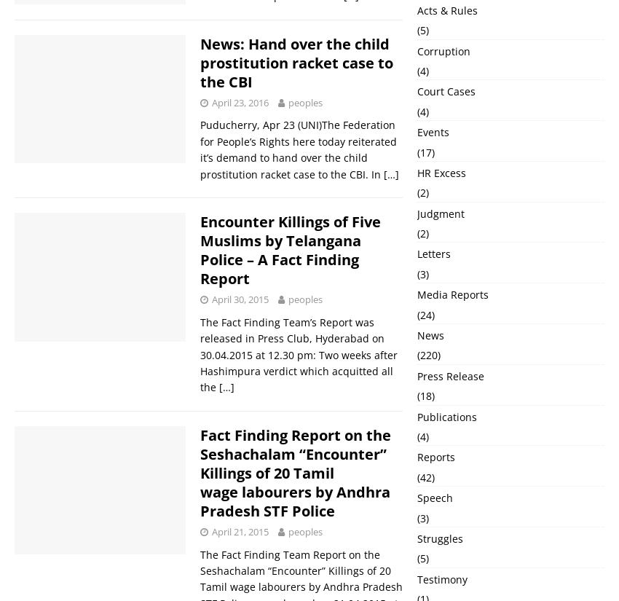 The image size is (619, 601). Describe the element at coordinates (425, 396) in the screenshot. I see `'(18)'` at that location.